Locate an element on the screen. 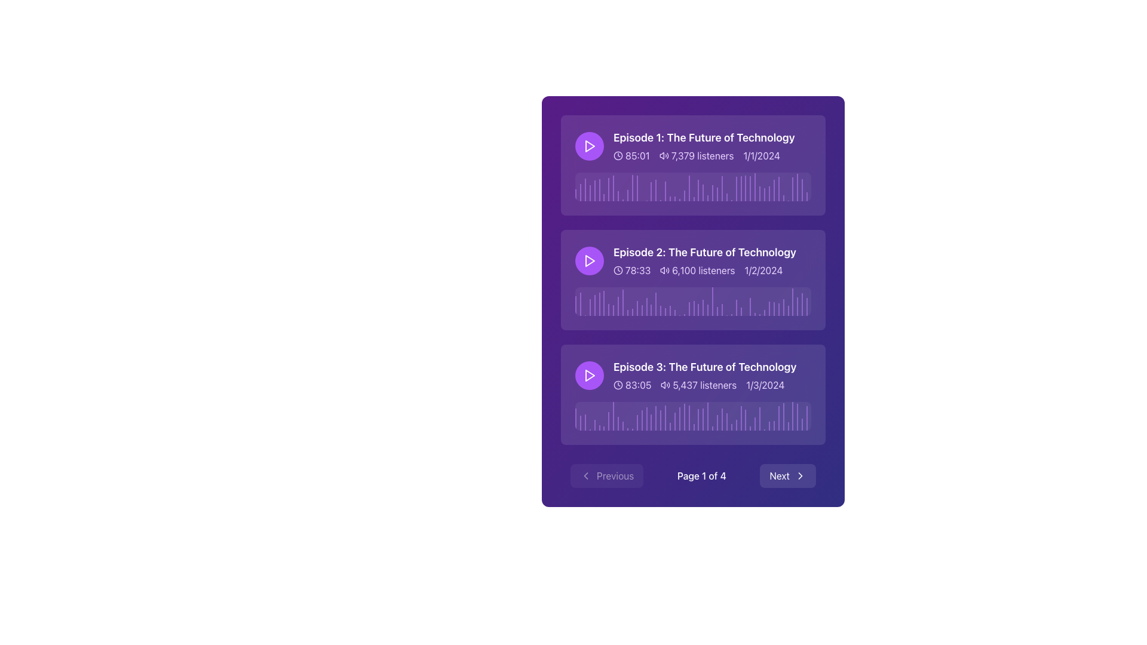 This screenshot has height=645, width=1147. the 44th indicator bar in the horizontal sequence, which visually indicates a specific value in the progress or waveform display is located at coordinates (778, 188).